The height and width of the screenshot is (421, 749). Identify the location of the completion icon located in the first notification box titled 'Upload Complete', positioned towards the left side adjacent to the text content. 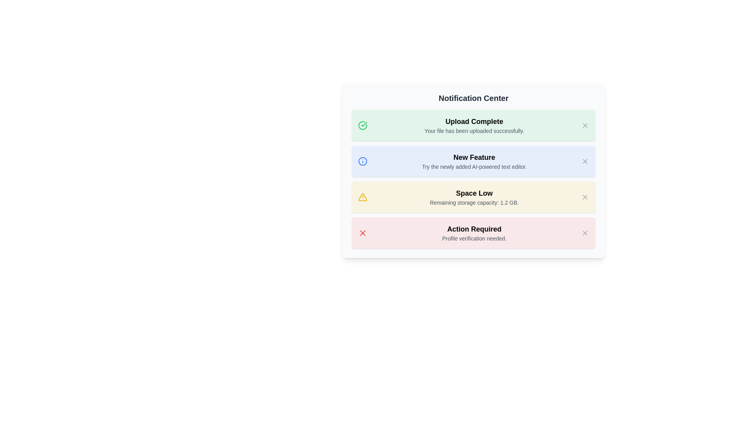
(362, 125).